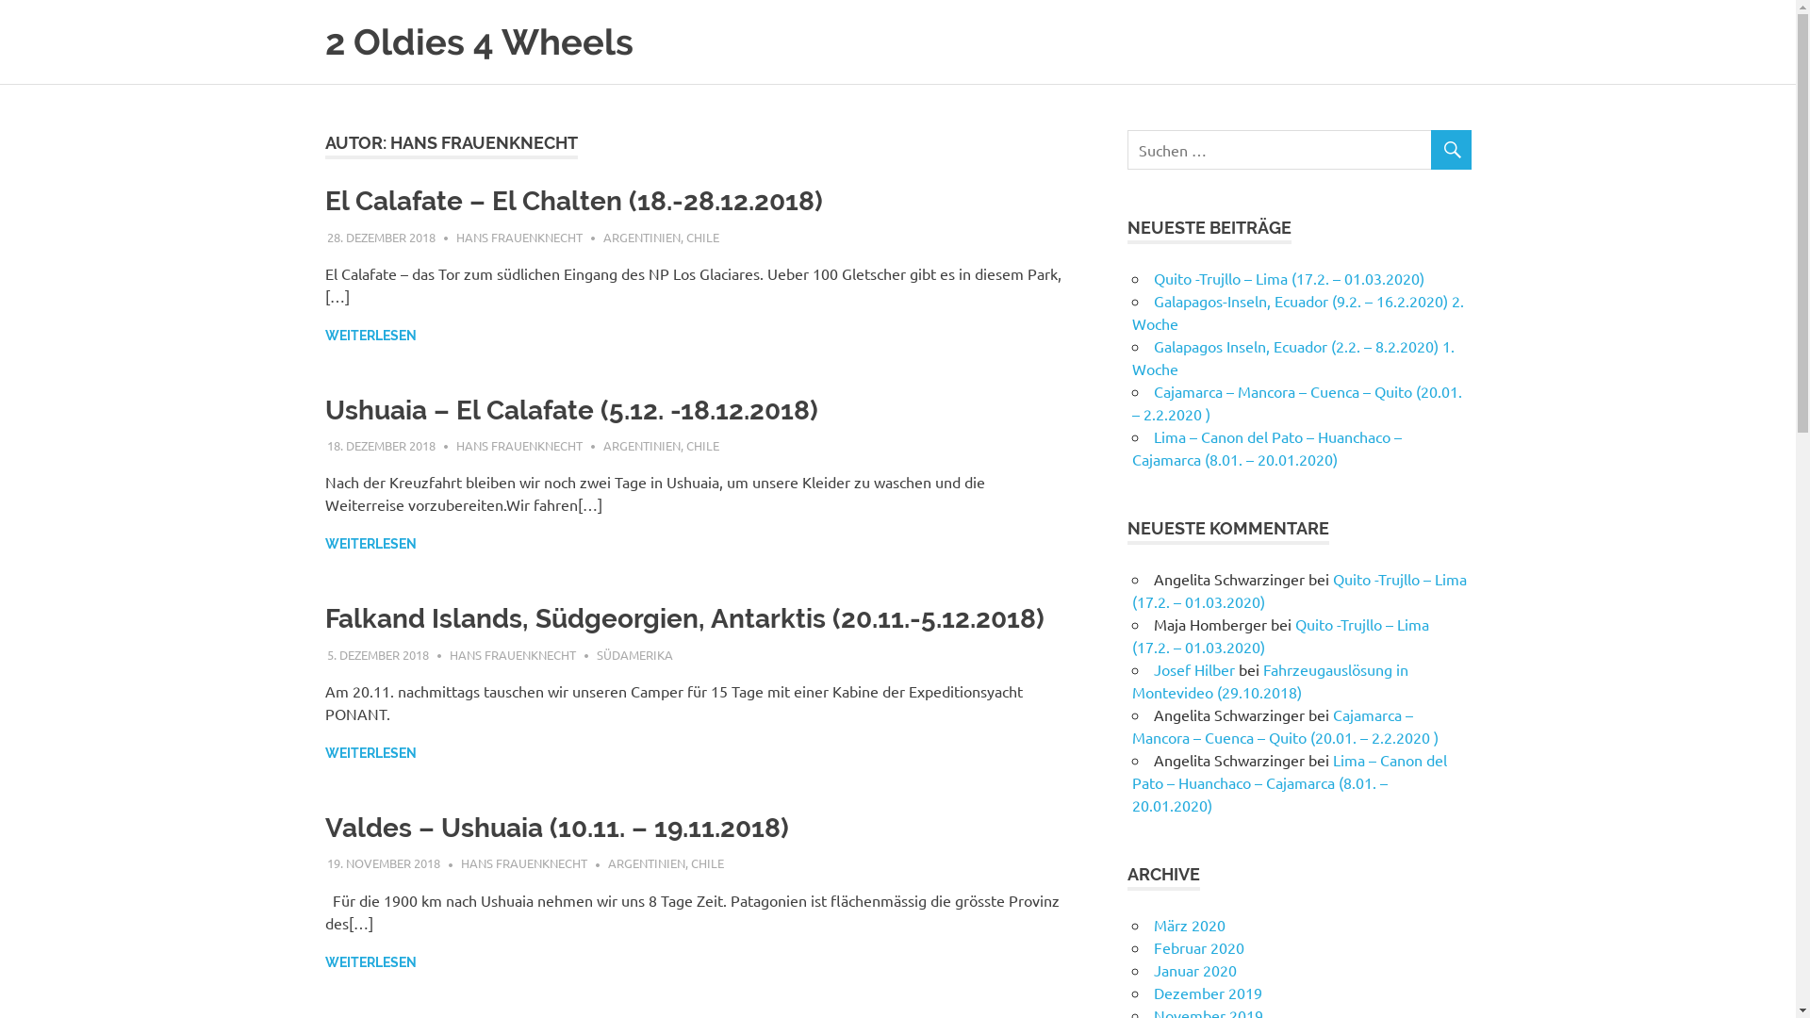 The image size is (1810, 1018). I want to click on '18. DEZEMBER 2018', so click(380, 445).